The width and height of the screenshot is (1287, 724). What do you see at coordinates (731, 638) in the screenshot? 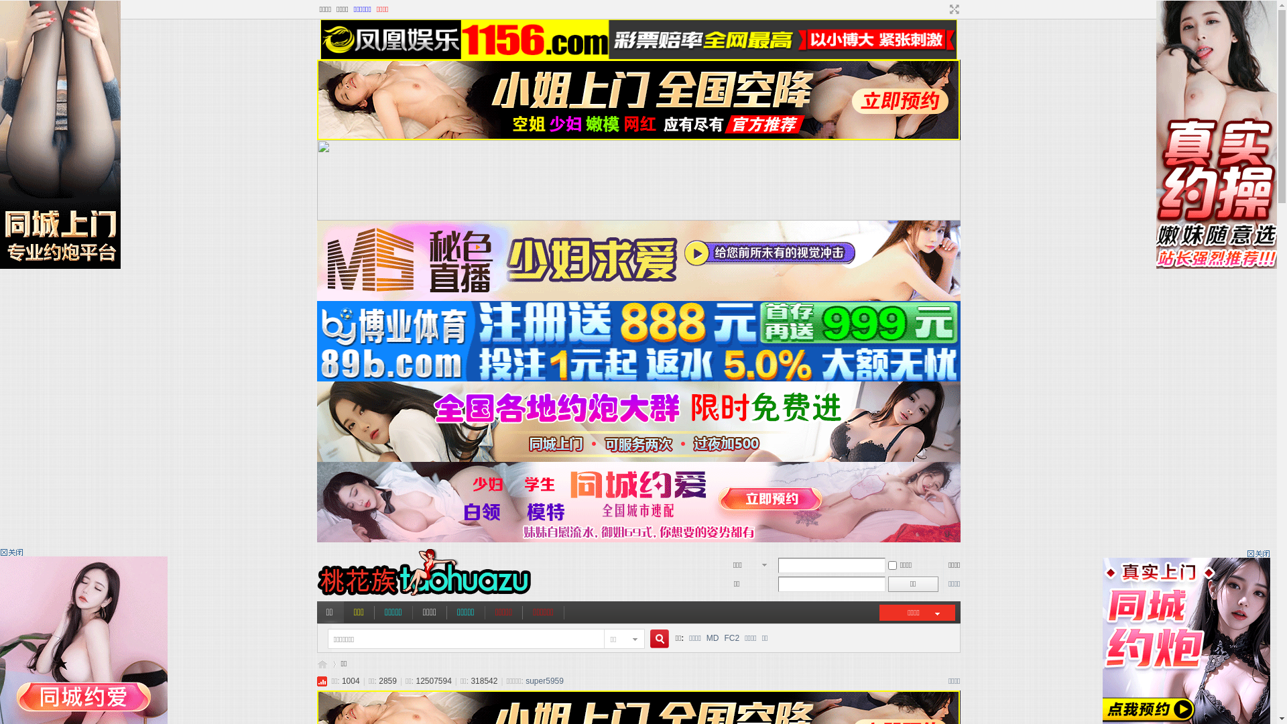
I see `'FC2'` at bounding box center [731, 638].